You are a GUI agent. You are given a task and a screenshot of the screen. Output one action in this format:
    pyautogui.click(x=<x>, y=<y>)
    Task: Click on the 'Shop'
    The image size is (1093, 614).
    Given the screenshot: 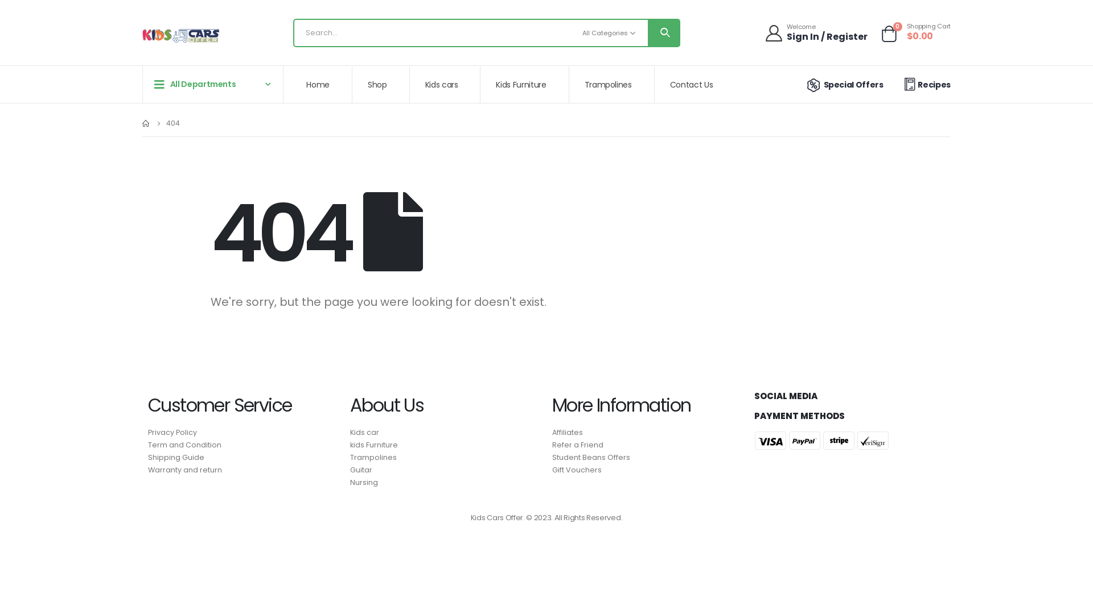 What is the action you would take?
    pyautogui.click(x=381, y=84)
    